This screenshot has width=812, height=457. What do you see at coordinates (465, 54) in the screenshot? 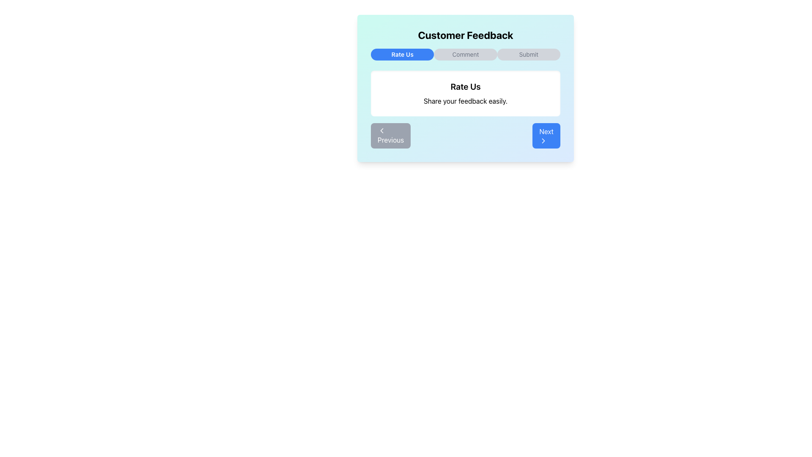
I see `the 'Comment' button, which is a rounded button with a light gray background and gray text, positioned between the 'Rate Us' and 'Submit' buttons in the top horizontal row` at bounding box center [465, 54].